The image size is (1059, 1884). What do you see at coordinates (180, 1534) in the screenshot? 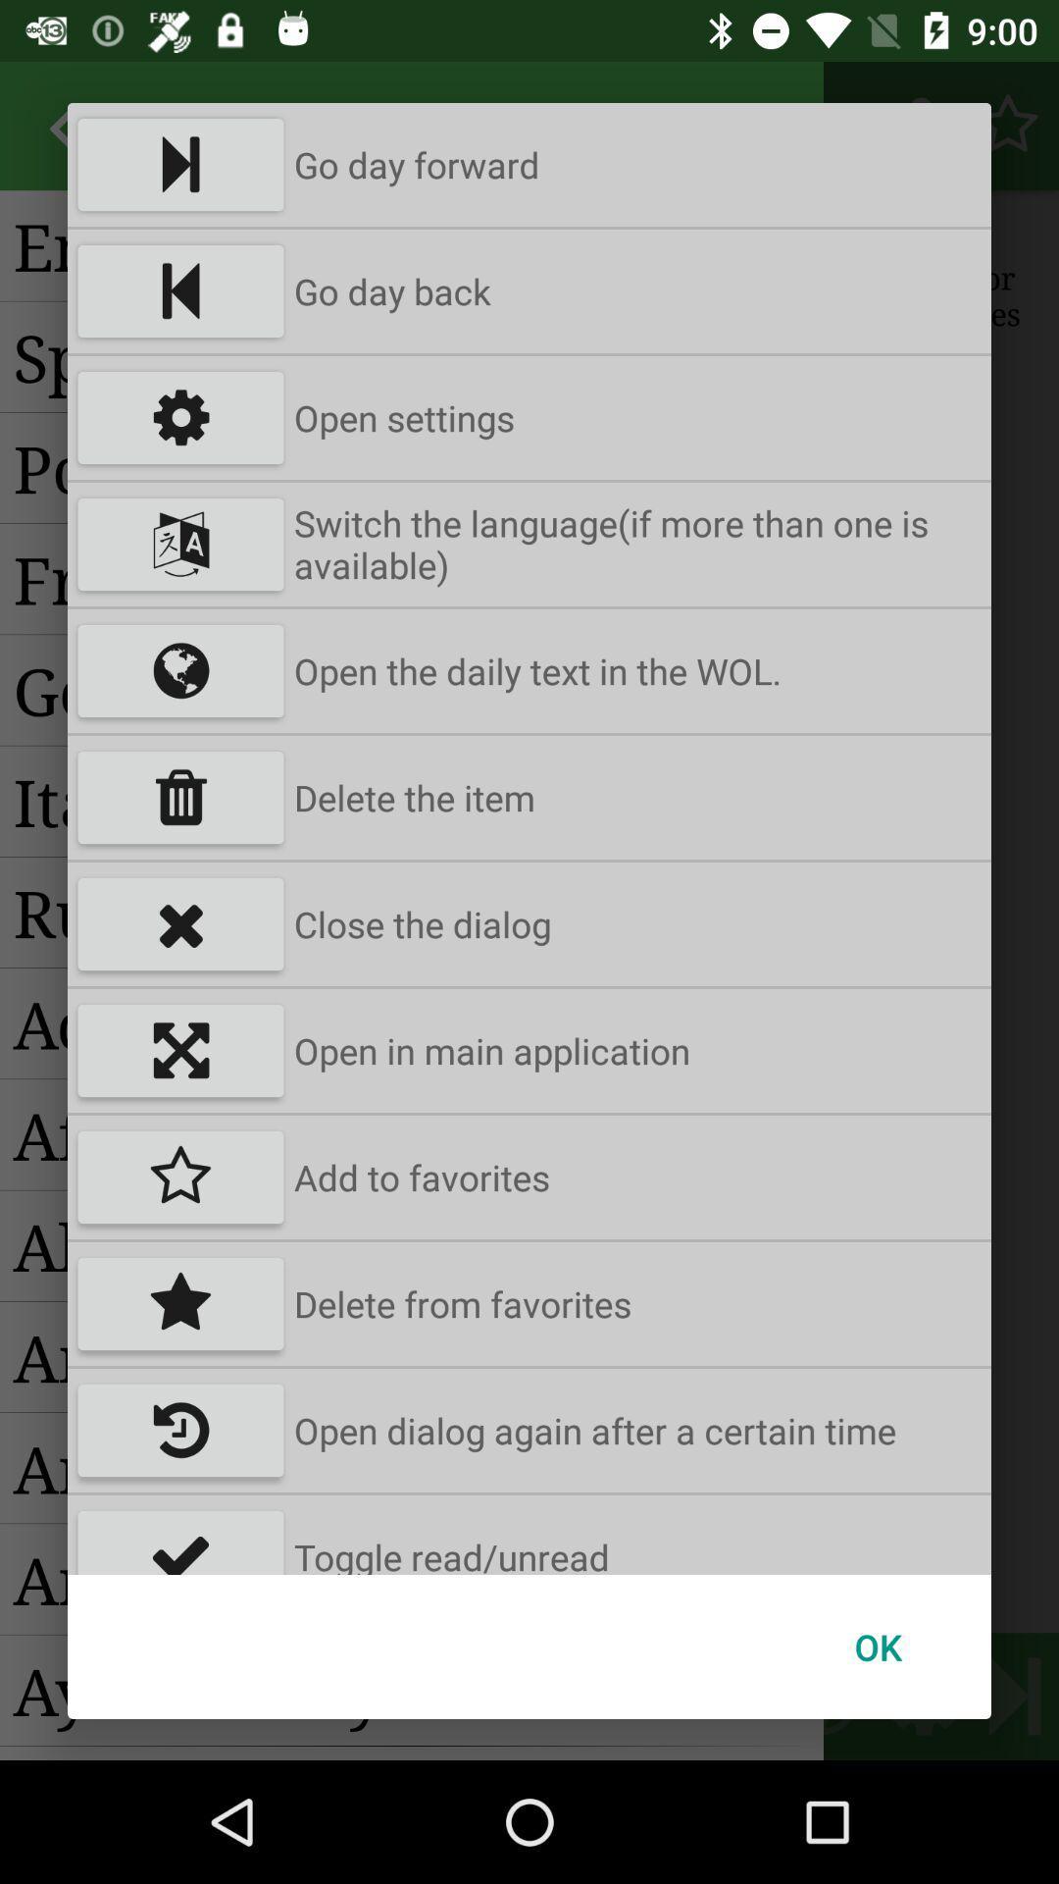
I see `icon to the left of toggle read/unread app` at bounding box center [180, 1534].